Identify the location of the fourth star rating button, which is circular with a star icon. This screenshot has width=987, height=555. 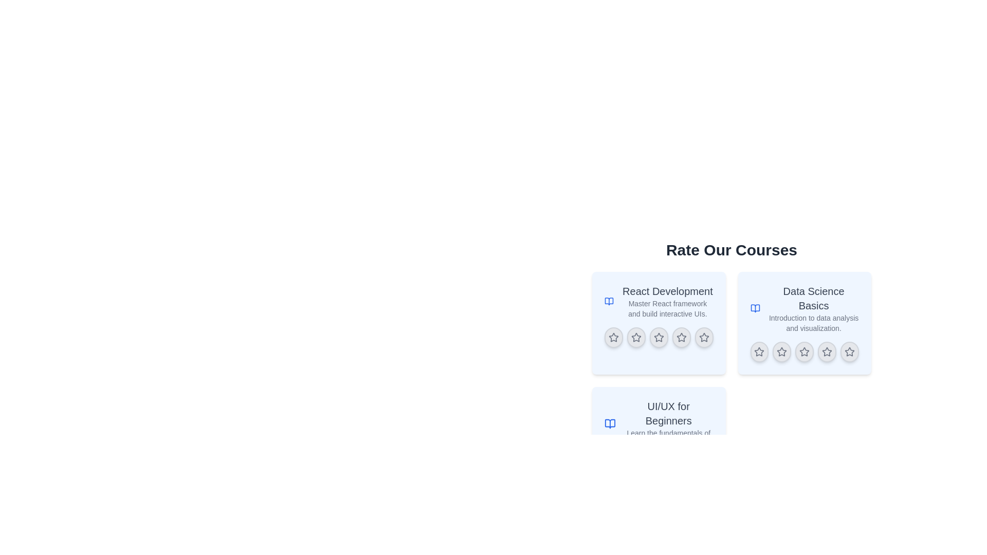
(827, 351).